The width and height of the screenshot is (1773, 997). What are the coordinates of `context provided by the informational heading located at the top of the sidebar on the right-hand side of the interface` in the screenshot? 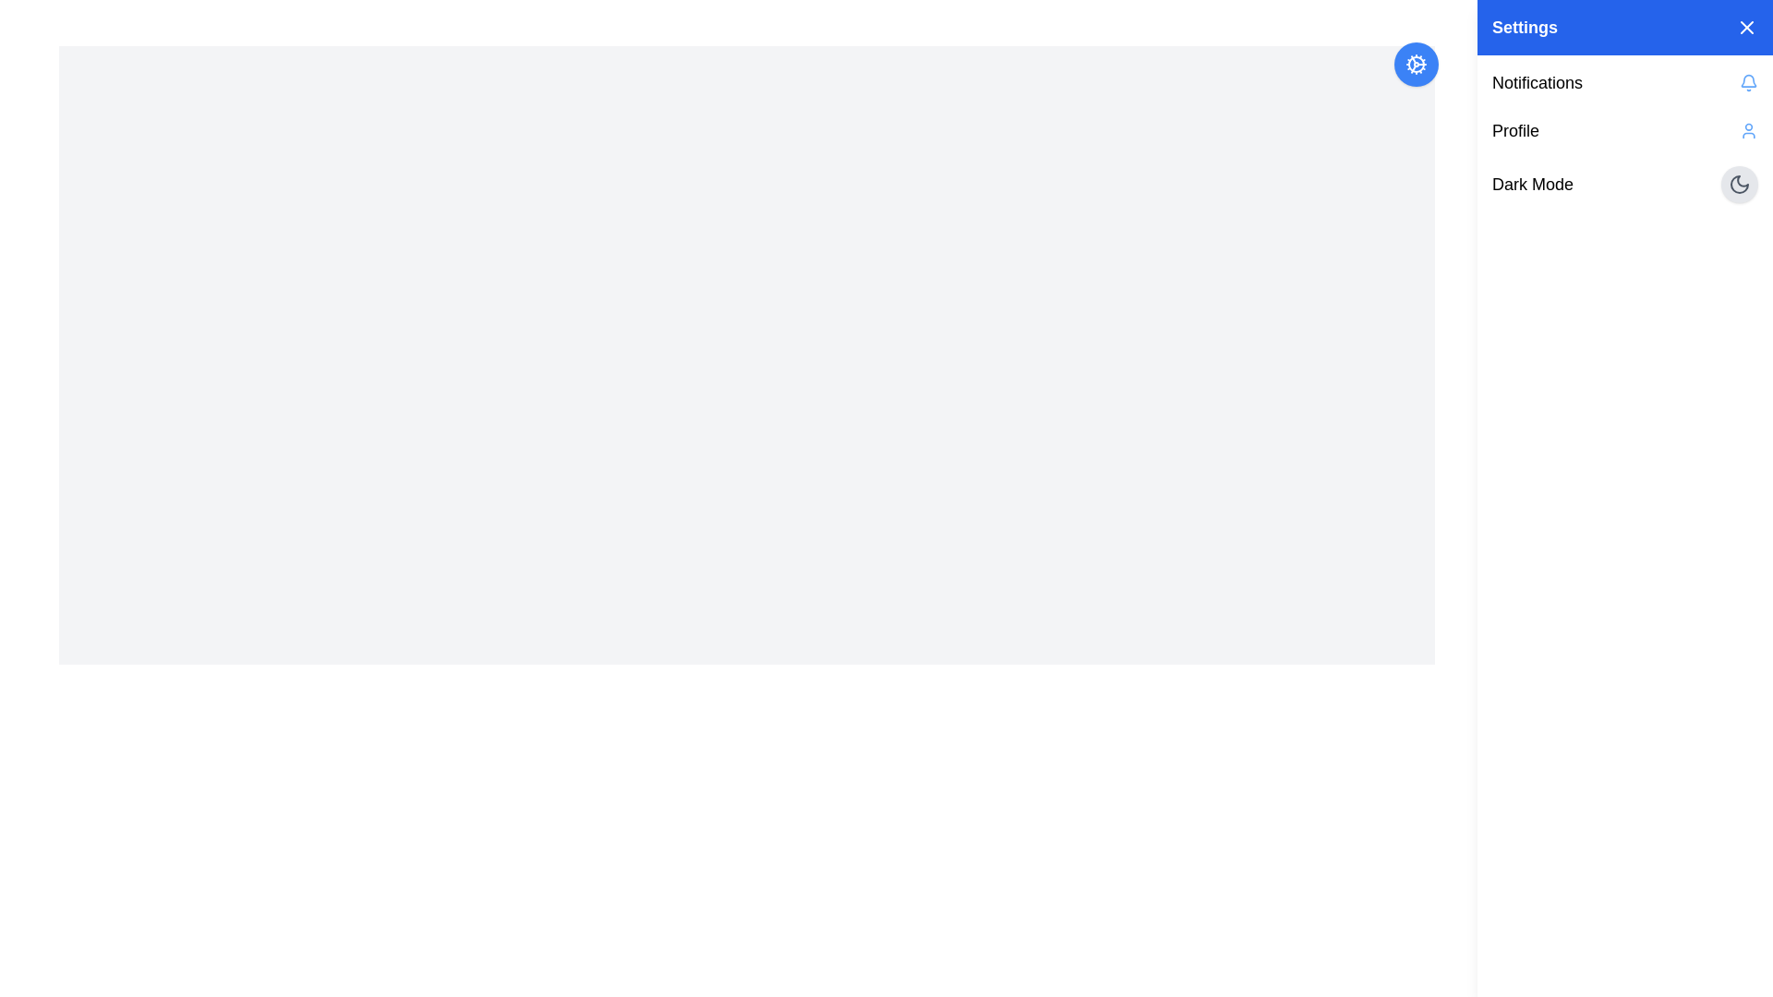 It's located at (1538, 81).